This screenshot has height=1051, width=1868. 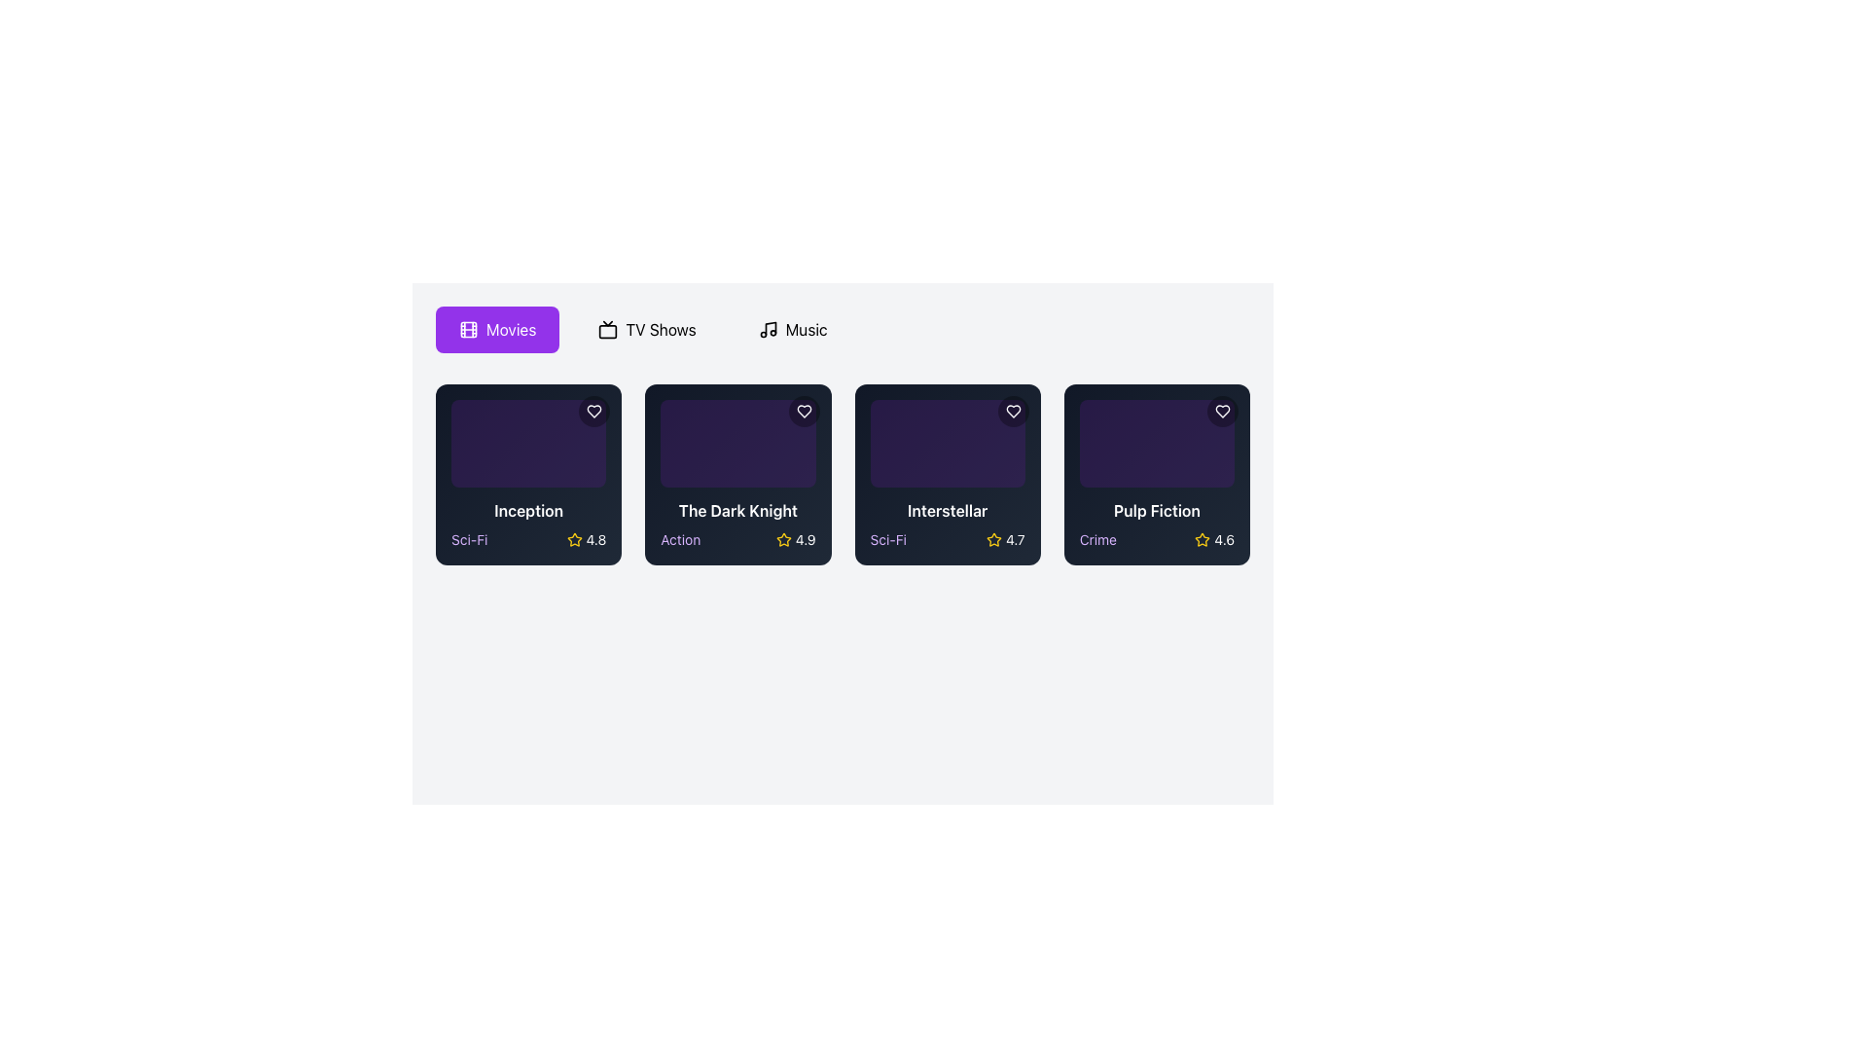 What do you see at coordinates (948, 509) in the screenshot?
I see `the text label that identifies the movie 'Interstellar', located within the third card of horizontally aligned movie cards, situated below the image area and above the genre and rating text` at bounding box center [948, 509].